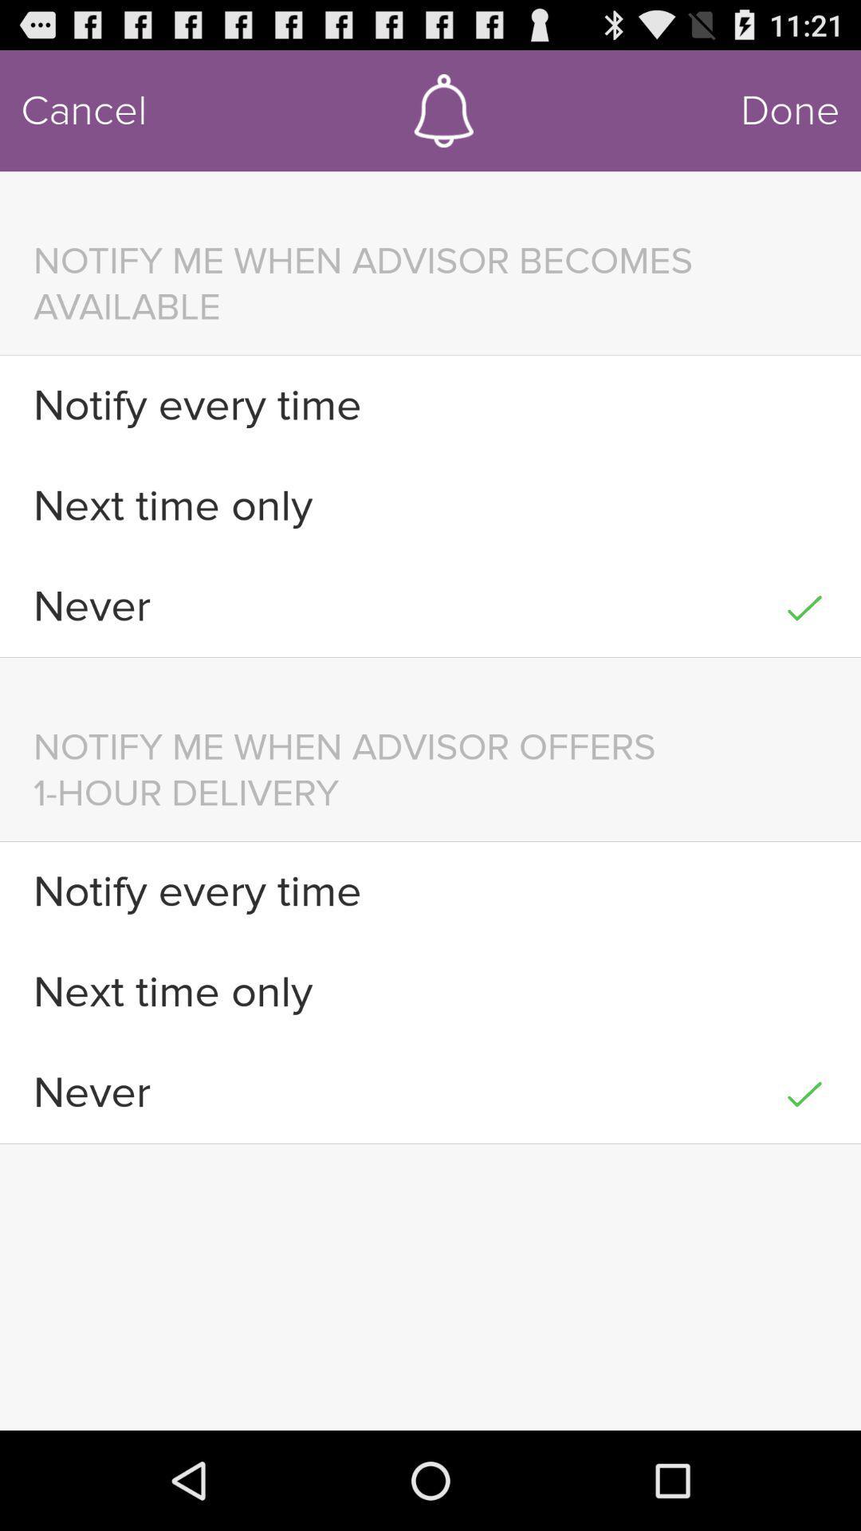  I want to click on the done icon, so click(790, 110).